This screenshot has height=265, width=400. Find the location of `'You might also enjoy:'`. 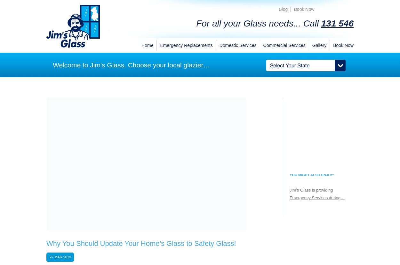

'You might also enjoy:' is located at coordinates (311, 174).